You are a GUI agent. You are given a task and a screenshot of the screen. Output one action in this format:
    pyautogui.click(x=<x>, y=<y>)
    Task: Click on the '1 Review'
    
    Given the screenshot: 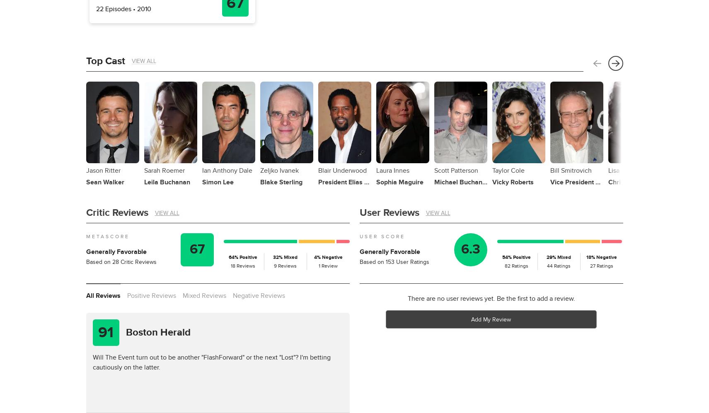 What is the action you would take?
    pyautogui.click(x=328, y=266)
    